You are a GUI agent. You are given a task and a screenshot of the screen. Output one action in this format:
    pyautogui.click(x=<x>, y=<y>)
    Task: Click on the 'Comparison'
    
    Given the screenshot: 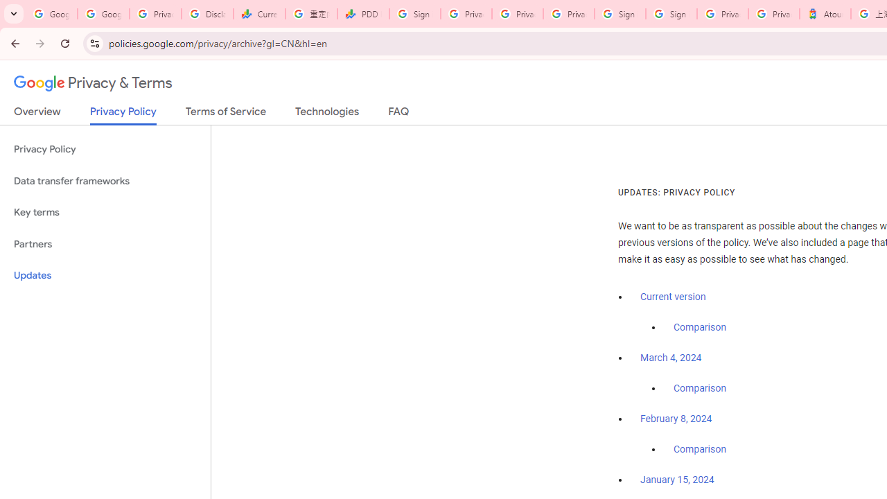 What is the action you would take?
    pyautogui.click(x=699, y=450)
    